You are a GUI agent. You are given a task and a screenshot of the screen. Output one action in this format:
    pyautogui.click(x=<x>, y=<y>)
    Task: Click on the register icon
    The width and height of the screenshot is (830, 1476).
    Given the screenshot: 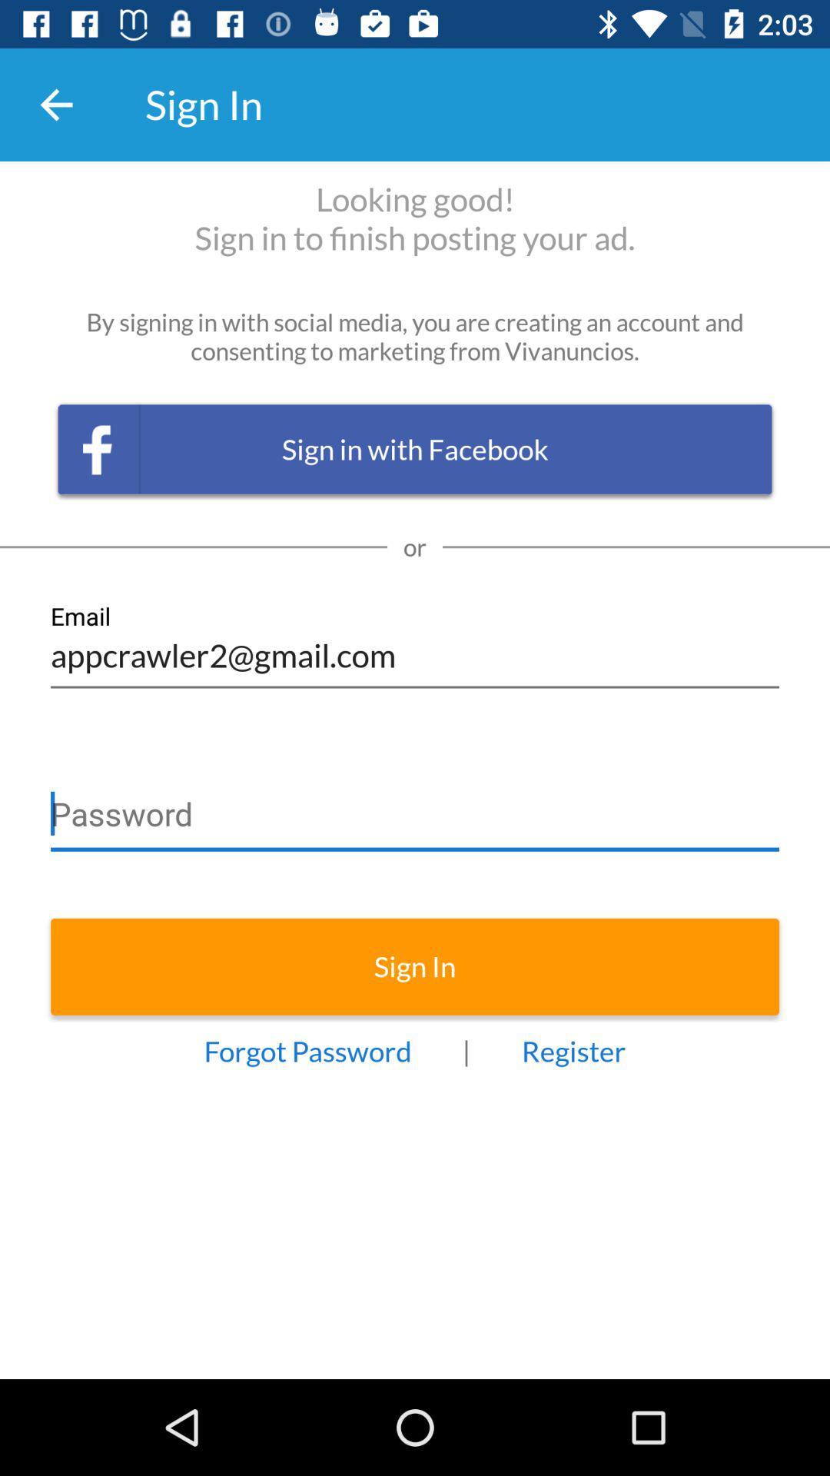 What is the action you would take?
    pyautogui.click(x=573, y=1050)
    